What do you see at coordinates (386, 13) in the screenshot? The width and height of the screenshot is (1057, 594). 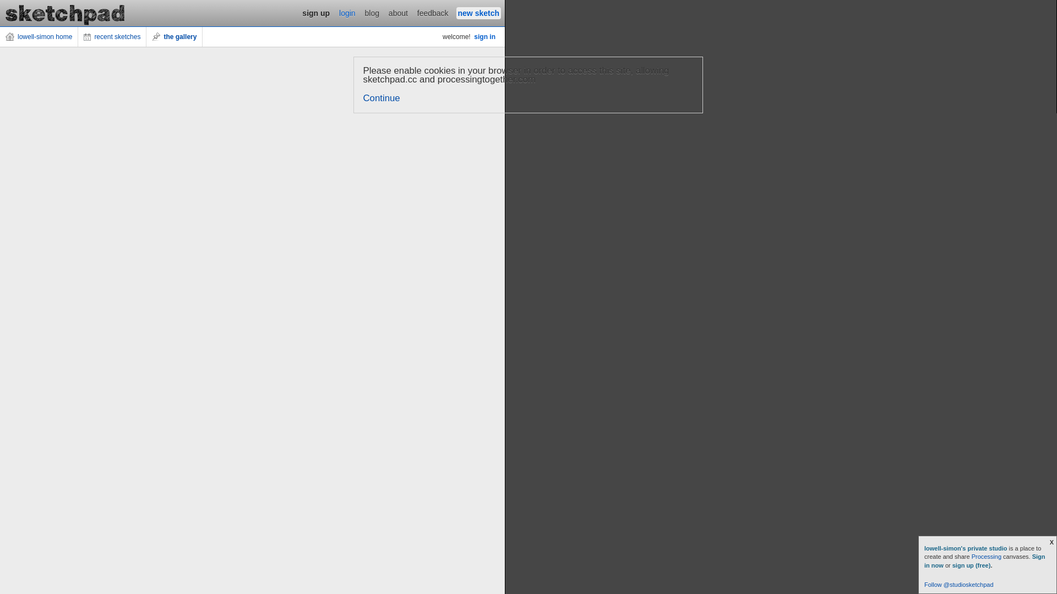 I see `'about'` at bounding box center [386, 13].